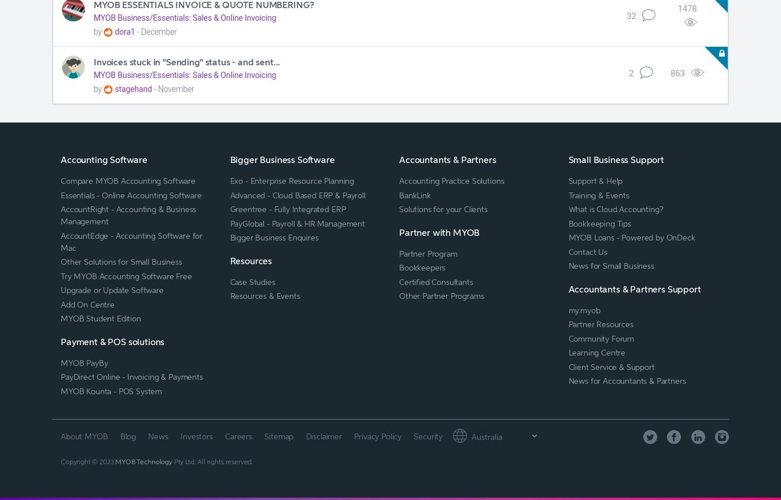 This screenshot has height=500, width=781. I want to click on 'MYOB Loans - Powered by OnDeck', so click(631, 237).